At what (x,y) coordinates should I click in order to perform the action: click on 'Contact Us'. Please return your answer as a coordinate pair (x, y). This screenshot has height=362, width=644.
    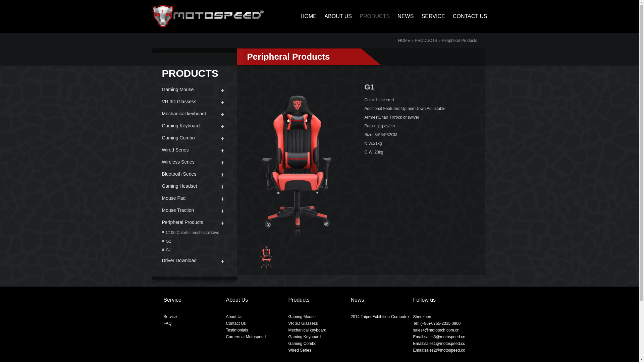
    Looking at the image, I should click on (236, 323).